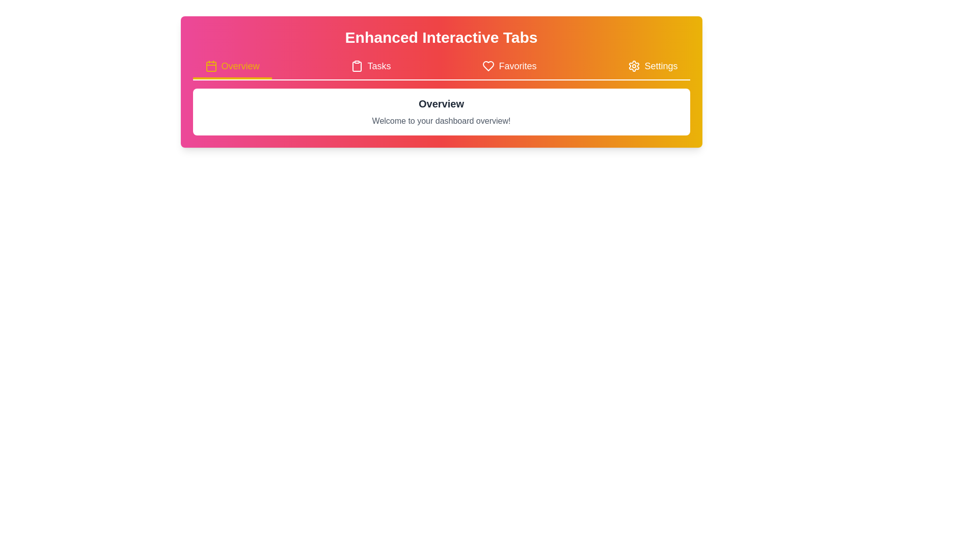 The height and width of the screenshot is (550, 978). What do you see at coordinates (634, 66) in the screenshot?
I see `the gear-shaped settings icon, which is styled in orange and located in the top navigation bar next to the 'Settings' text` at bounding box center [634, 66].